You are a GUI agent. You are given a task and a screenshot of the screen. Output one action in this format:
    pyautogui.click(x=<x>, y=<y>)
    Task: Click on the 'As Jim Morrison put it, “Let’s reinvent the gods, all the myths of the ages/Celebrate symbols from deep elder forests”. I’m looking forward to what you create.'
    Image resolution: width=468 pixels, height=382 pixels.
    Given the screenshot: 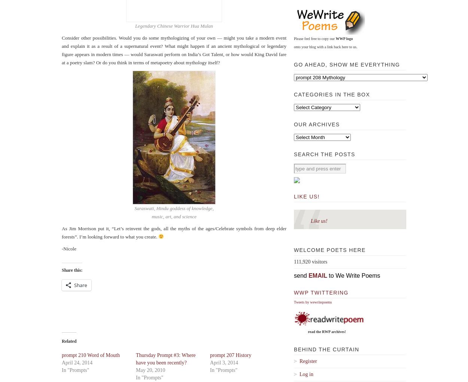 What is the action you would take?
    pyautogui.click(x=174, y=232)
    